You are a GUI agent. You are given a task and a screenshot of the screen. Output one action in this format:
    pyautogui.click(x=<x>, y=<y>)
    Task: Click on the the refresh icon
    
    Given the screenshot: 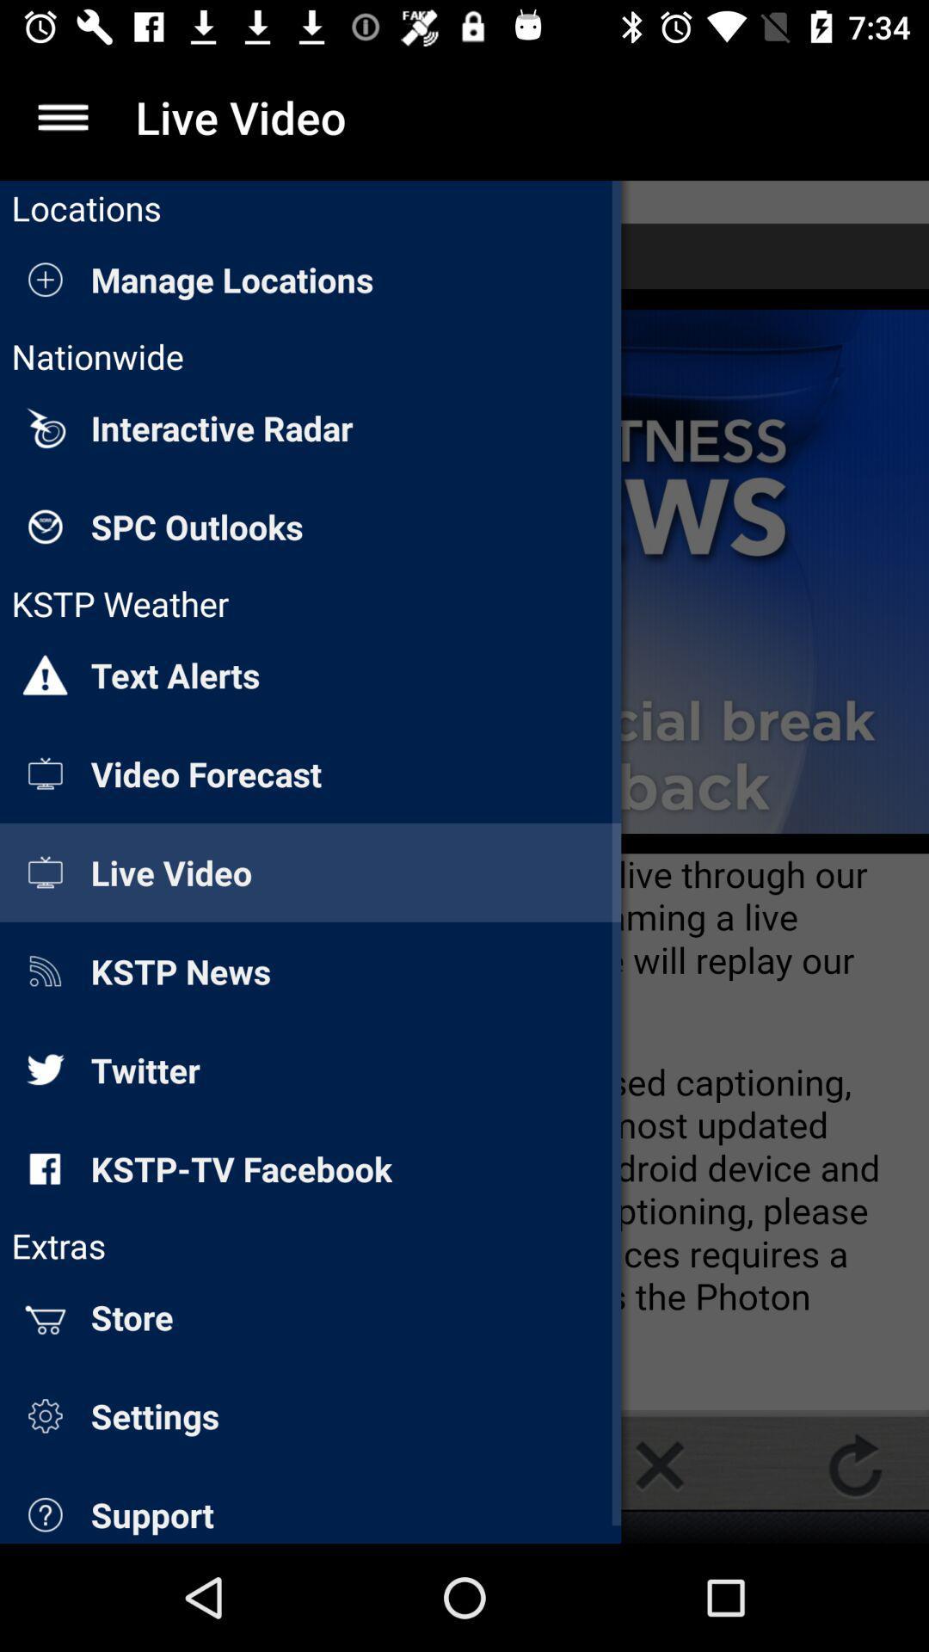 What is the action you would take?
    pyautogui.click(x=855, y=1464)
    